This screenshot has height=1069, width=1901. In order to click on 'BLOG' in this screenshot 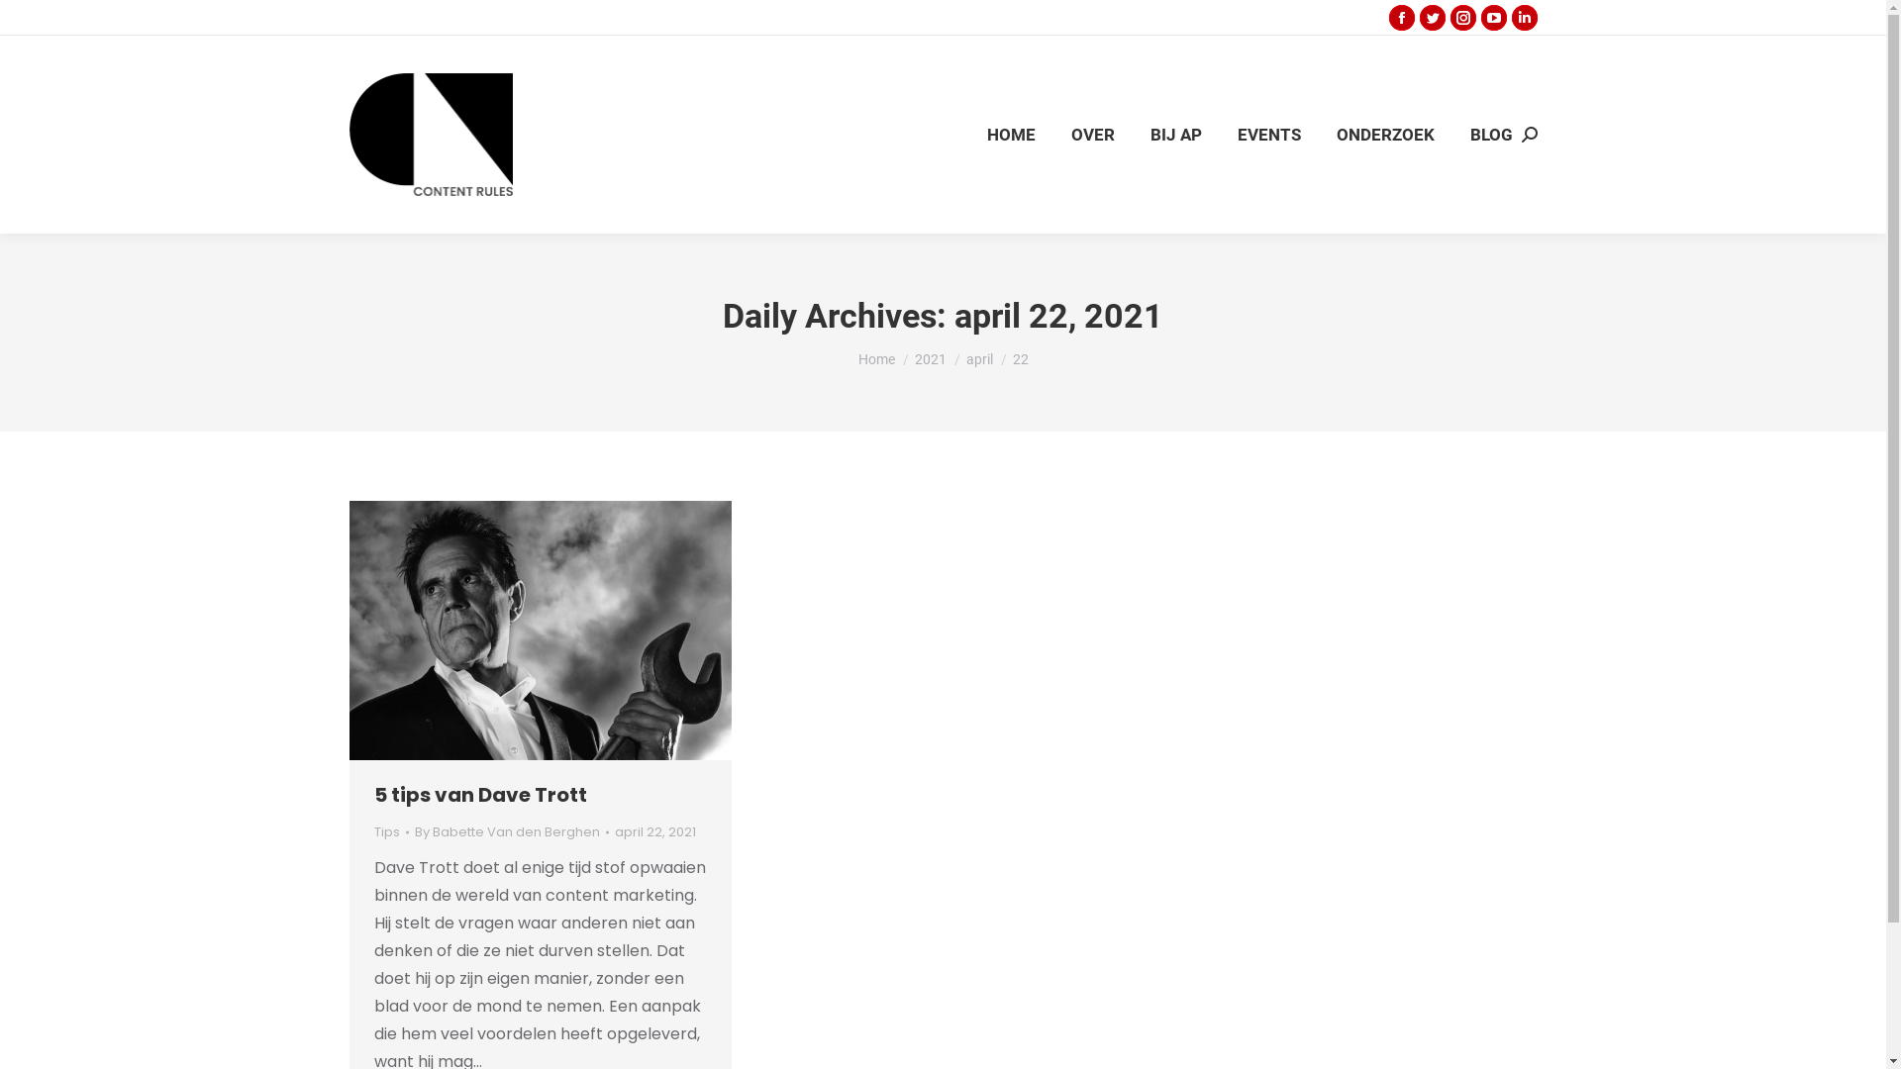, I will do `click(1490, 134)`.